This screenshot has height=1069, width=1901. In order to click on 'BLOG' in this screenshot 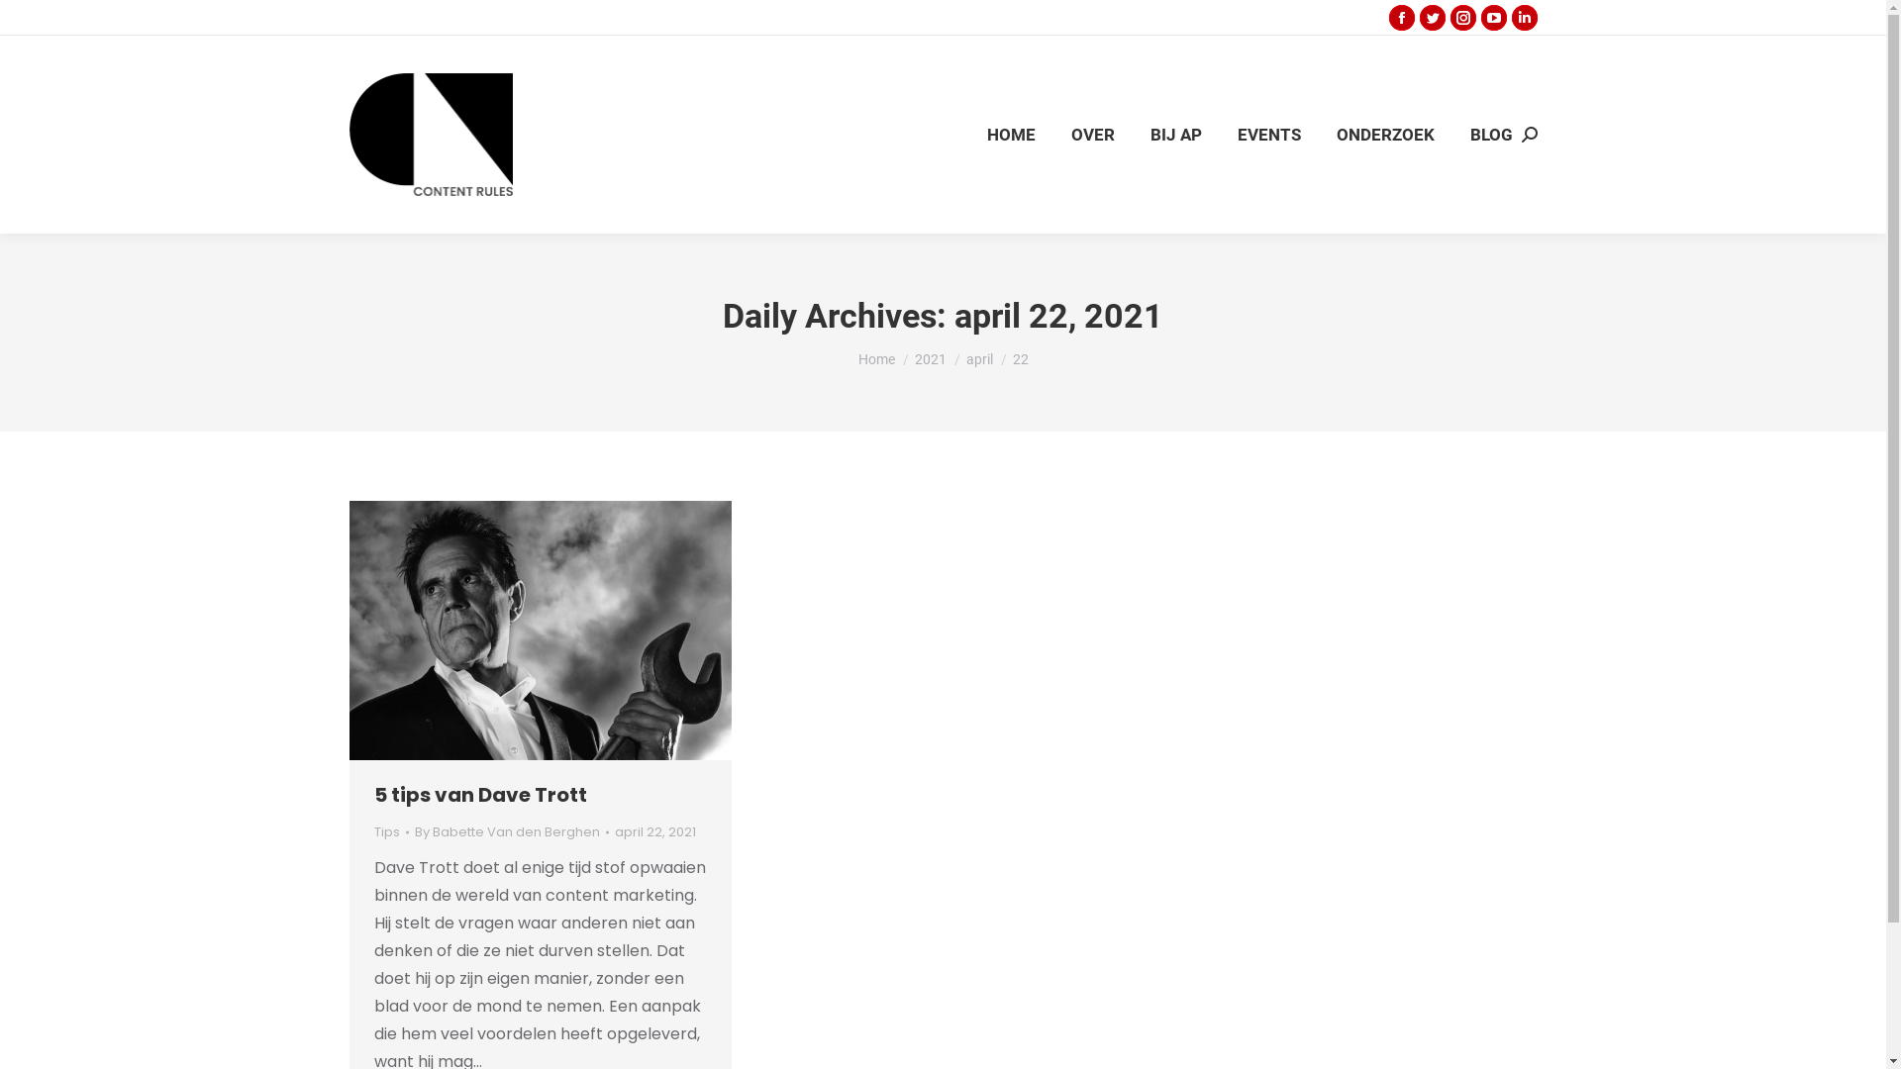, I will do `click(1490, 134)`.